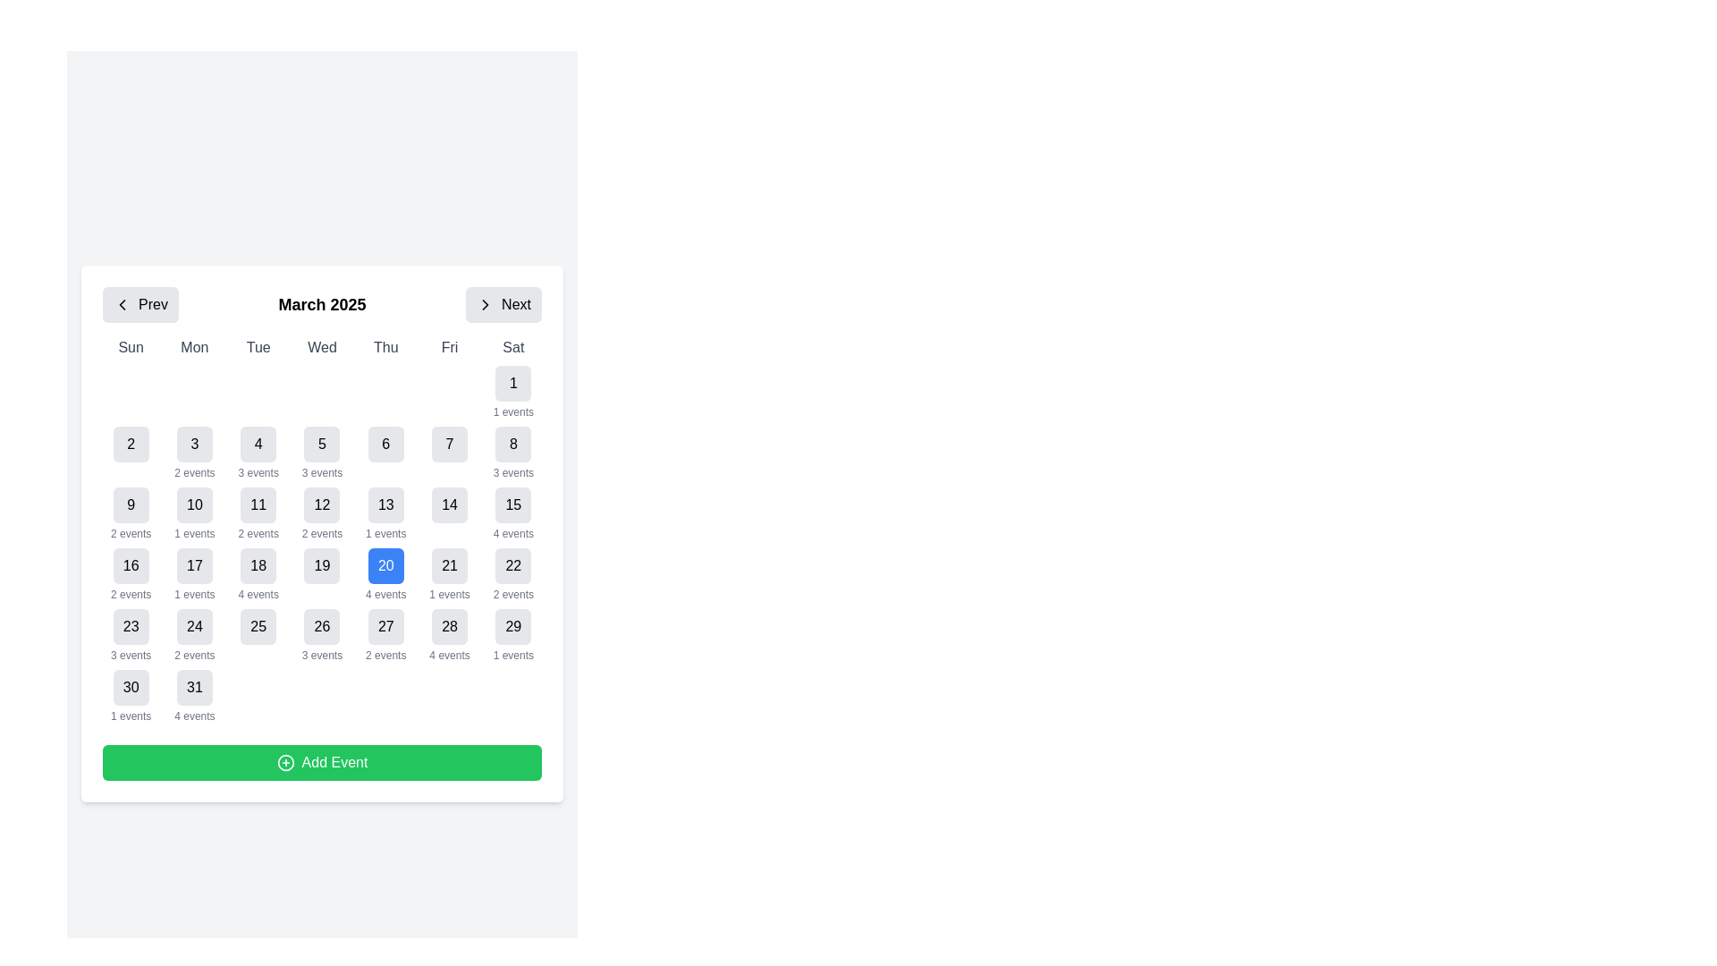  Describe the element at coordinates (130, 504) in the screenshot. I see `the date '9' button in the calendar interface` at that location.